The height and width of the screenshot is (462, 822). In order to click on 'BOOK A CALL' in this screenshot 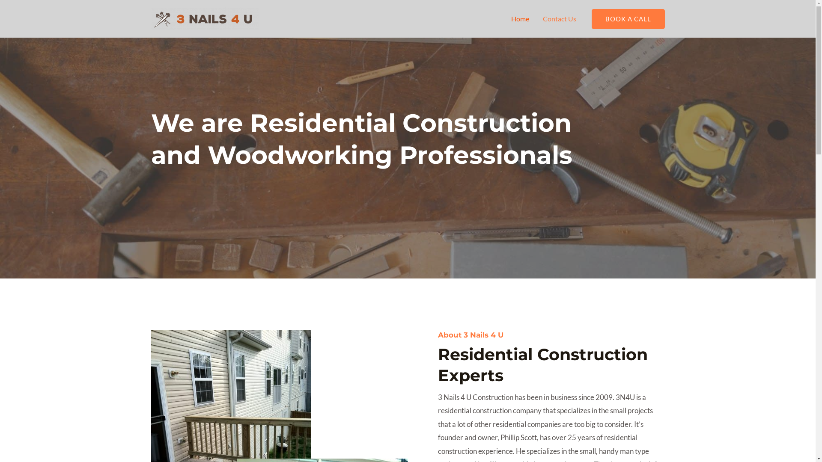, I will do `click(591, 18)`.